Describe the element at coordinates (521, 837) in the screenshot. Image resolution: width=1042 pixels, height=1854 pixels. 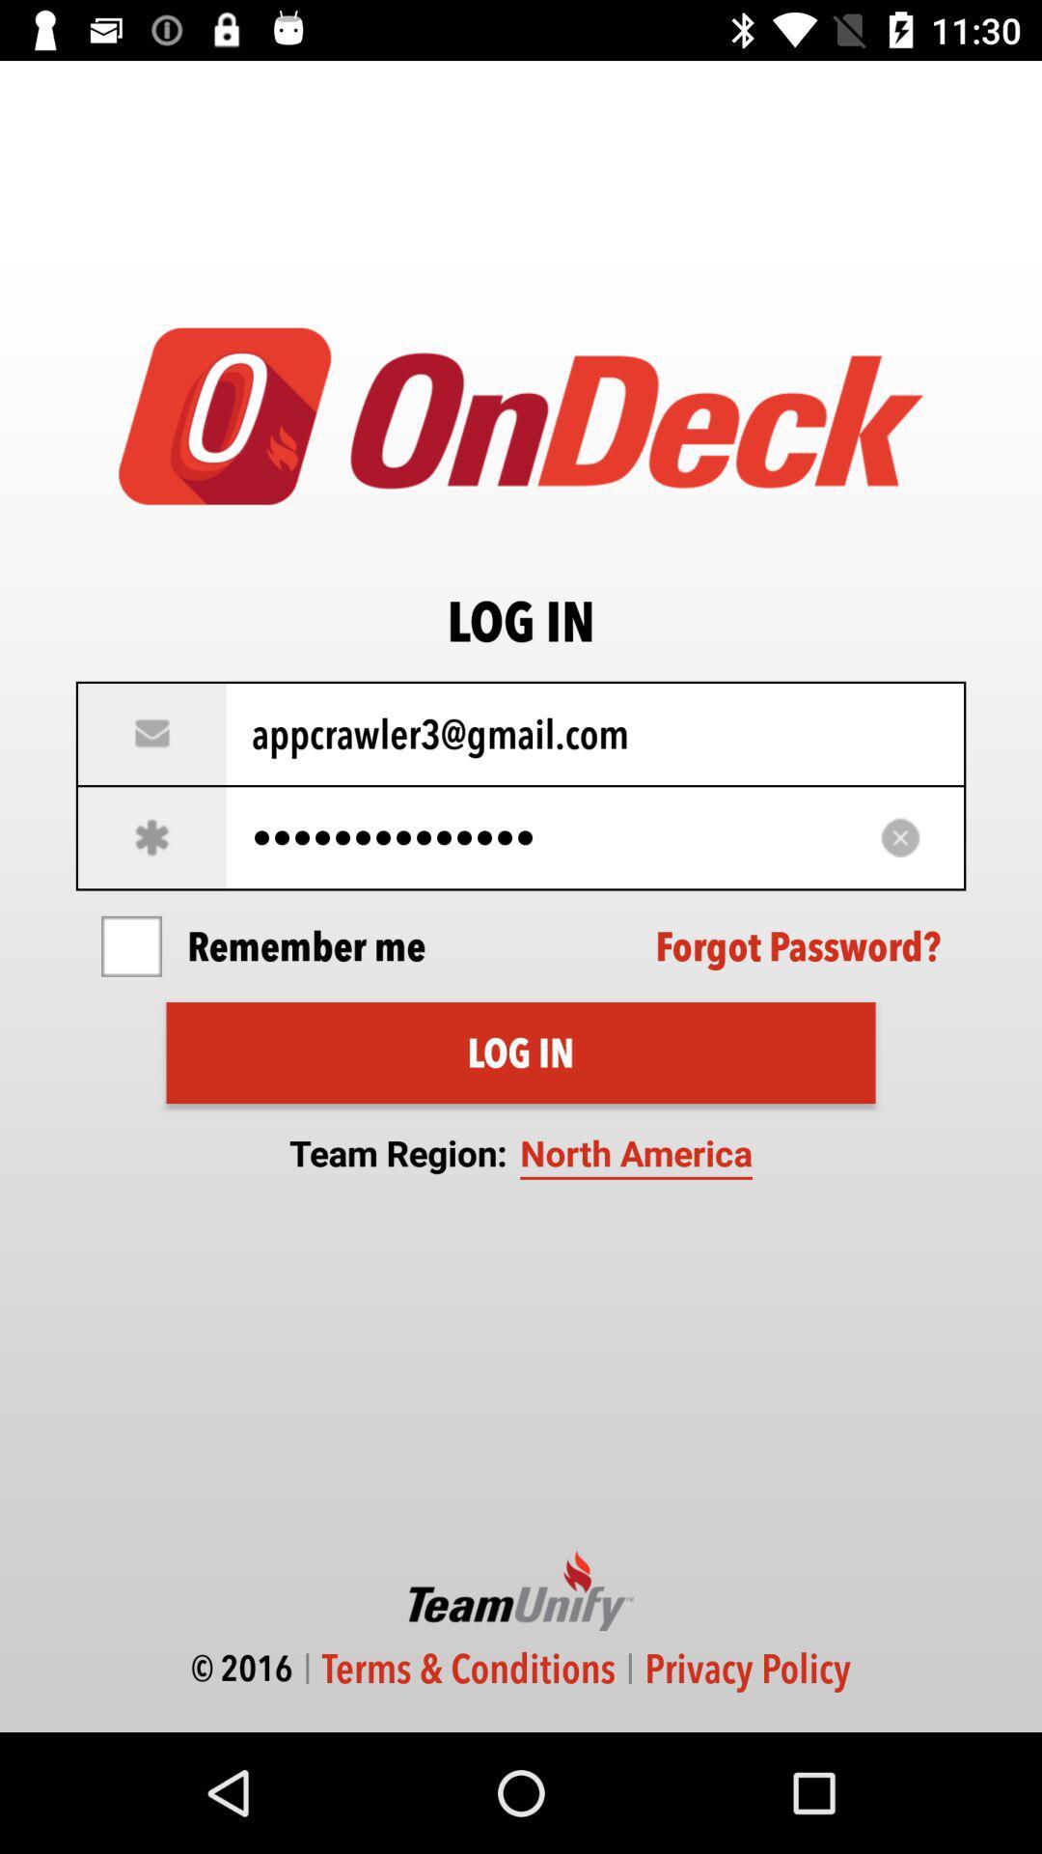
I see `second text field` at that location.